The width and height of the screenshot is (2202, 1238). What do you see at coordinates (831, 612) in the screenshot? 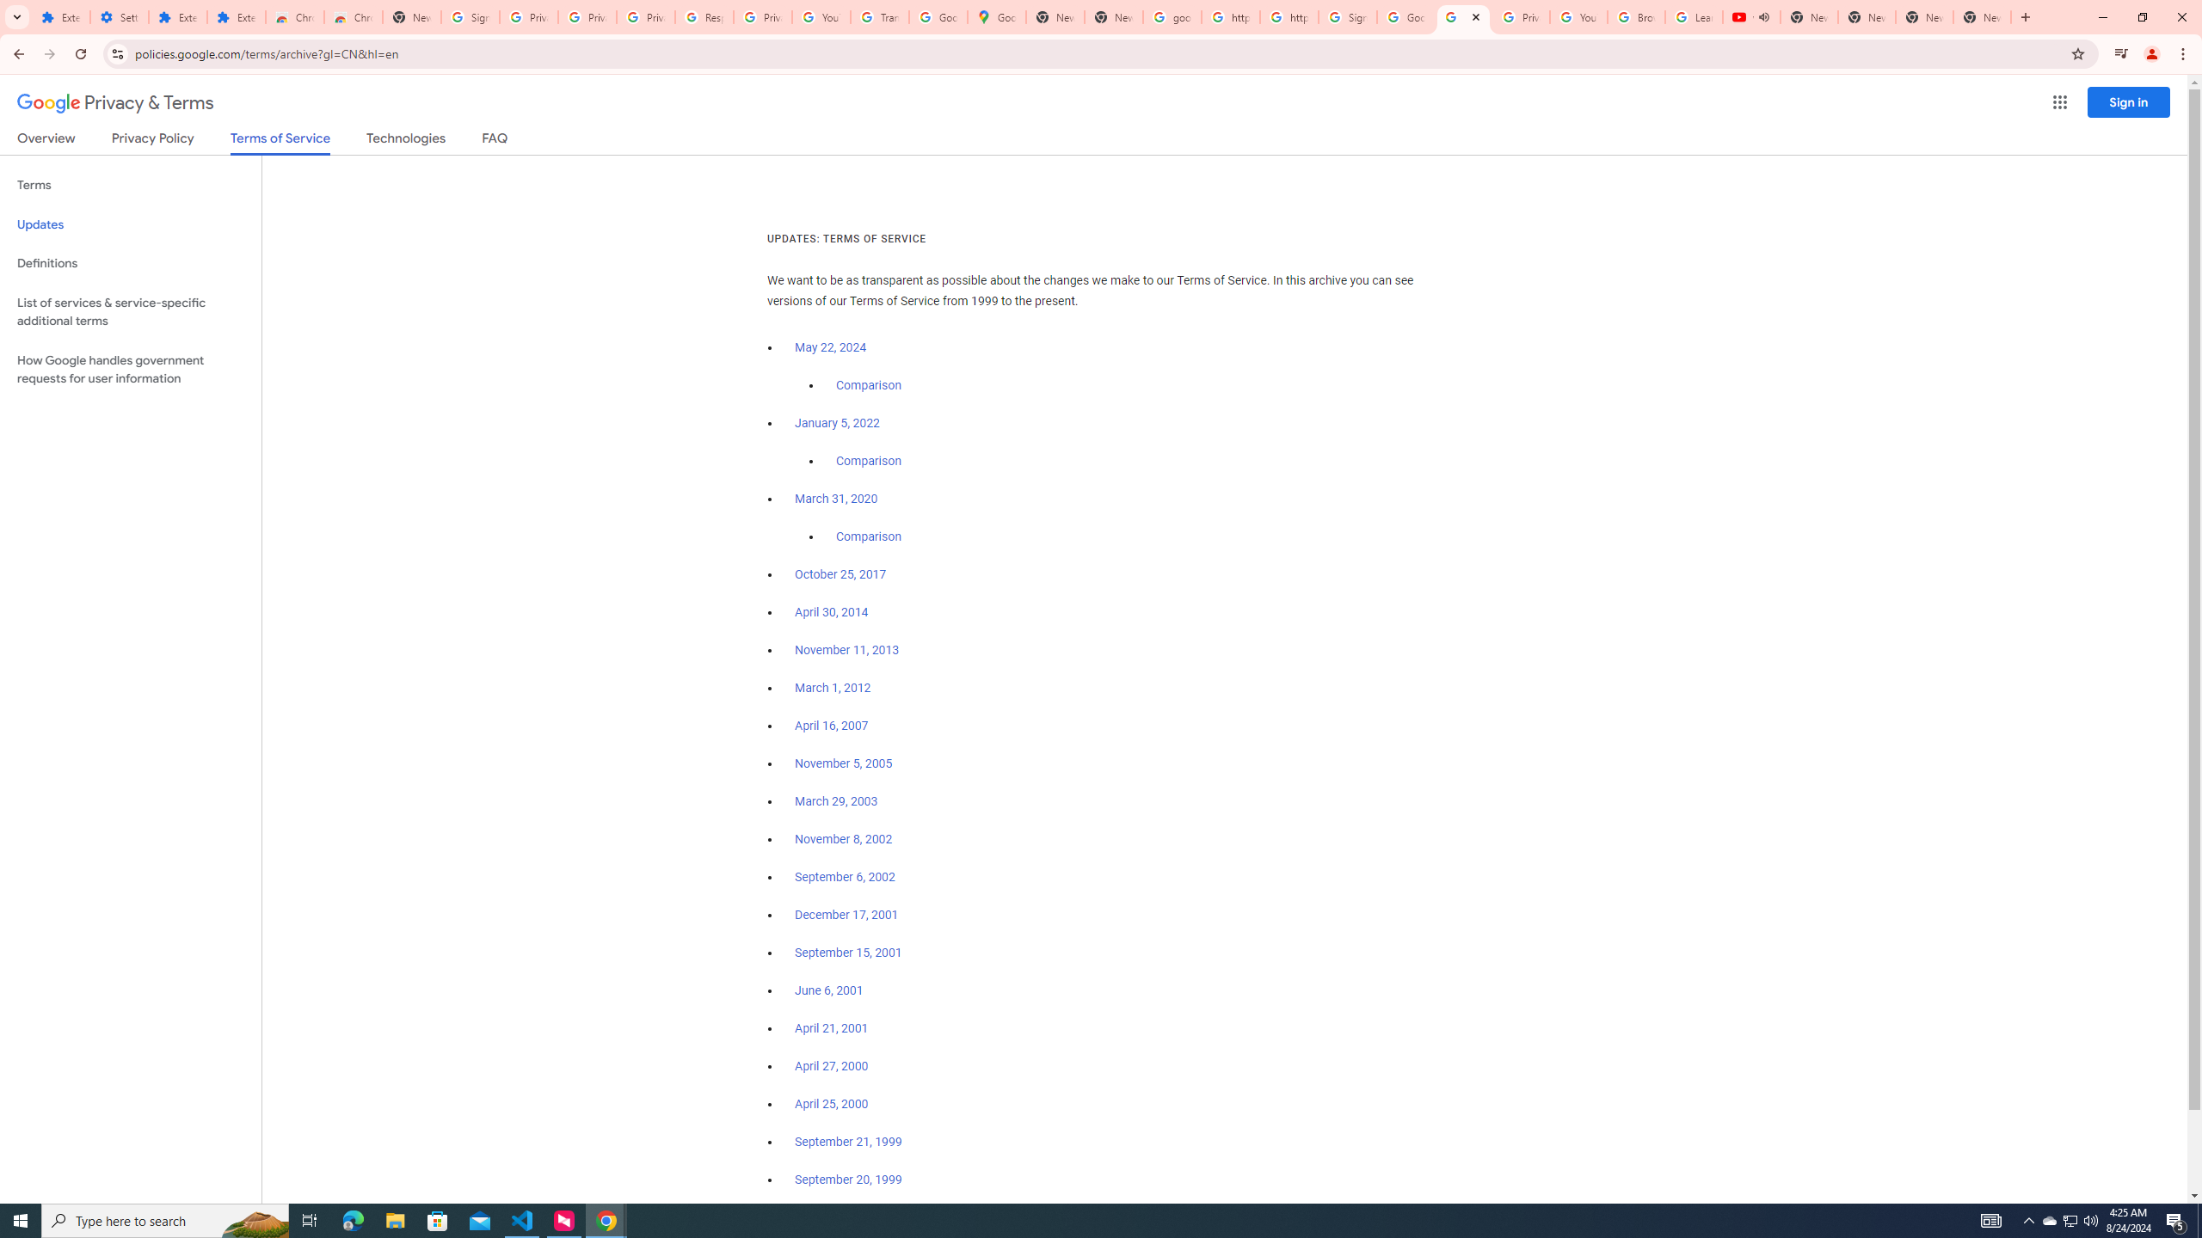
I see `'April 30, 2014'` at bounding box center [831, 612].